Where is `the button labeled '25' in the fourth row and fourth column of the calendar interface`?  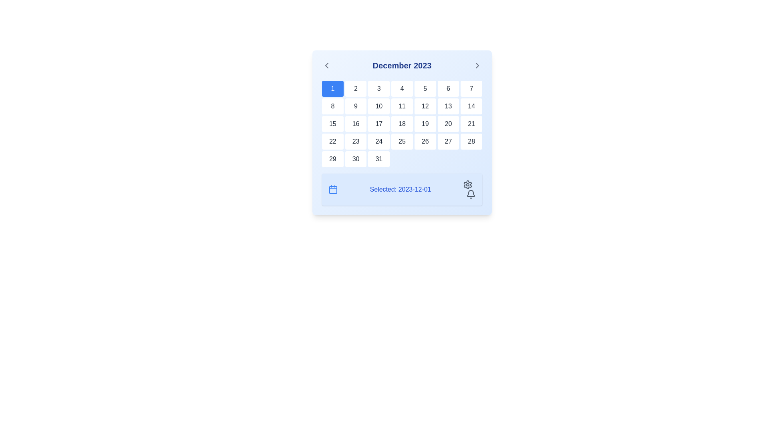 the button labeled '25' in the fourth row and fourth column of the calendar interface is located at coordinates (402, 141).